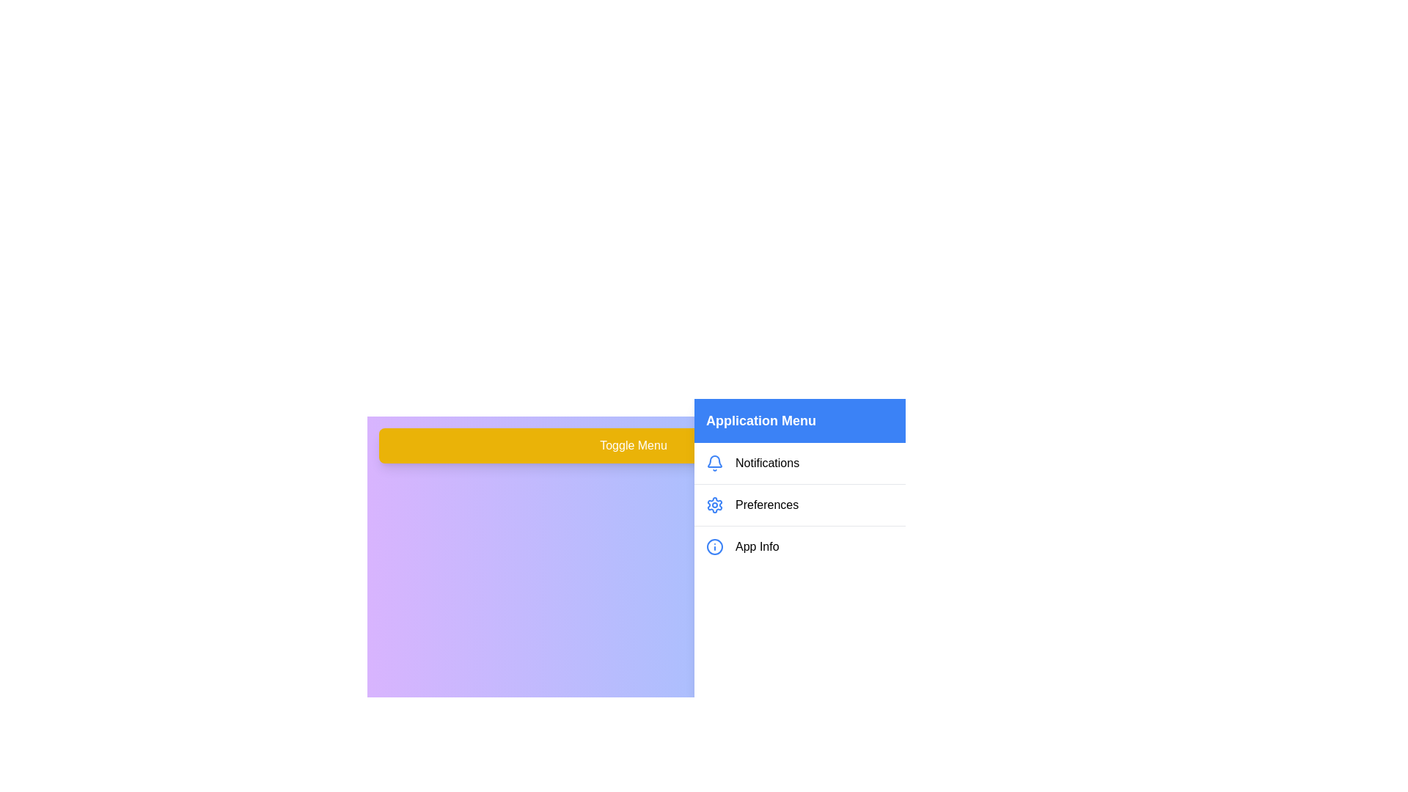 The width and height of the screenshot is (1408, 792). I want to click on the 'Preferences' menu item, so click(799, 504).